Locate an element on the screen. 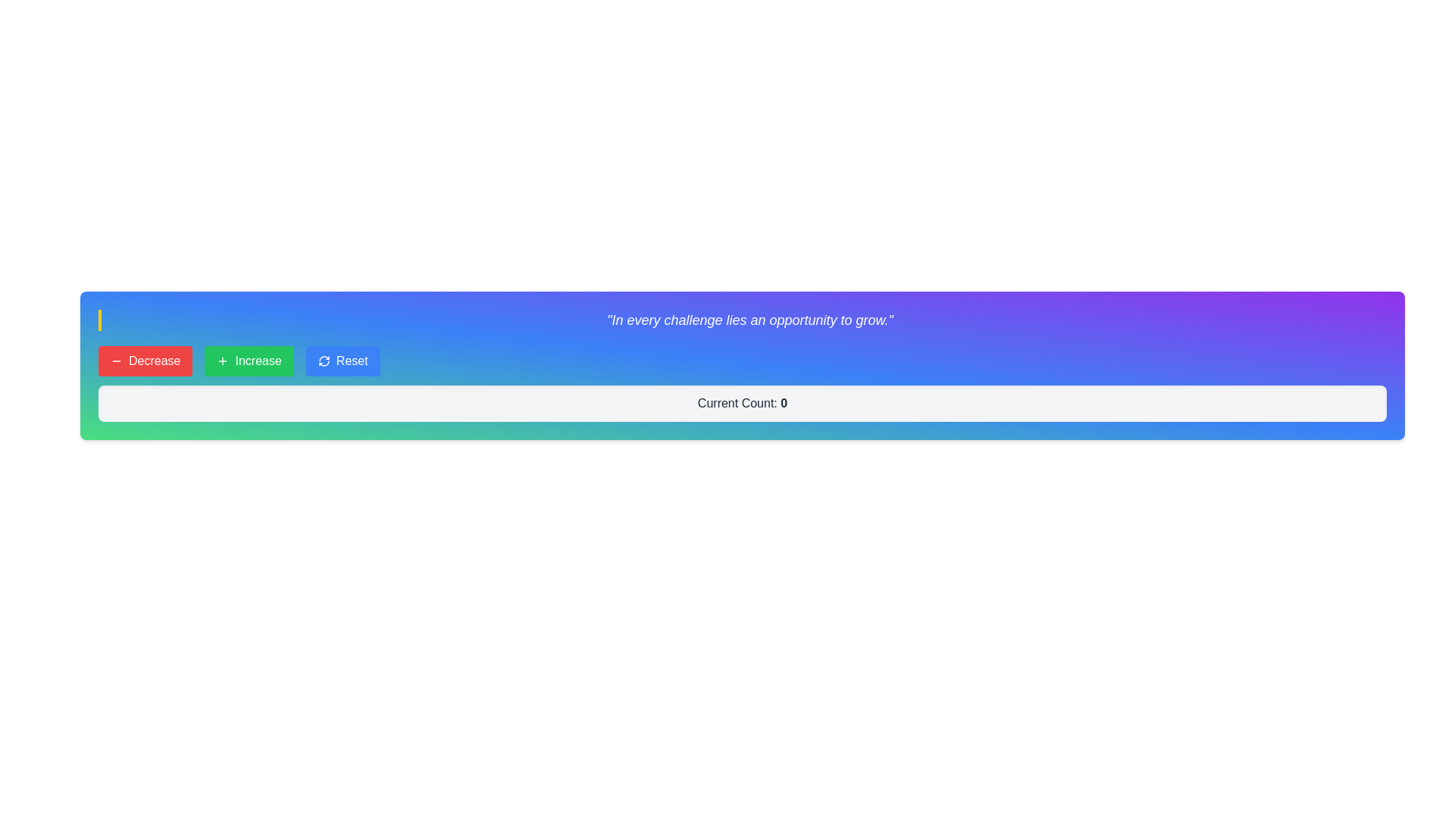 The width and height of the screenshot is (1455, 818). the first button in the horizontal group, which decreases a value is located at coordinates (145, 361).